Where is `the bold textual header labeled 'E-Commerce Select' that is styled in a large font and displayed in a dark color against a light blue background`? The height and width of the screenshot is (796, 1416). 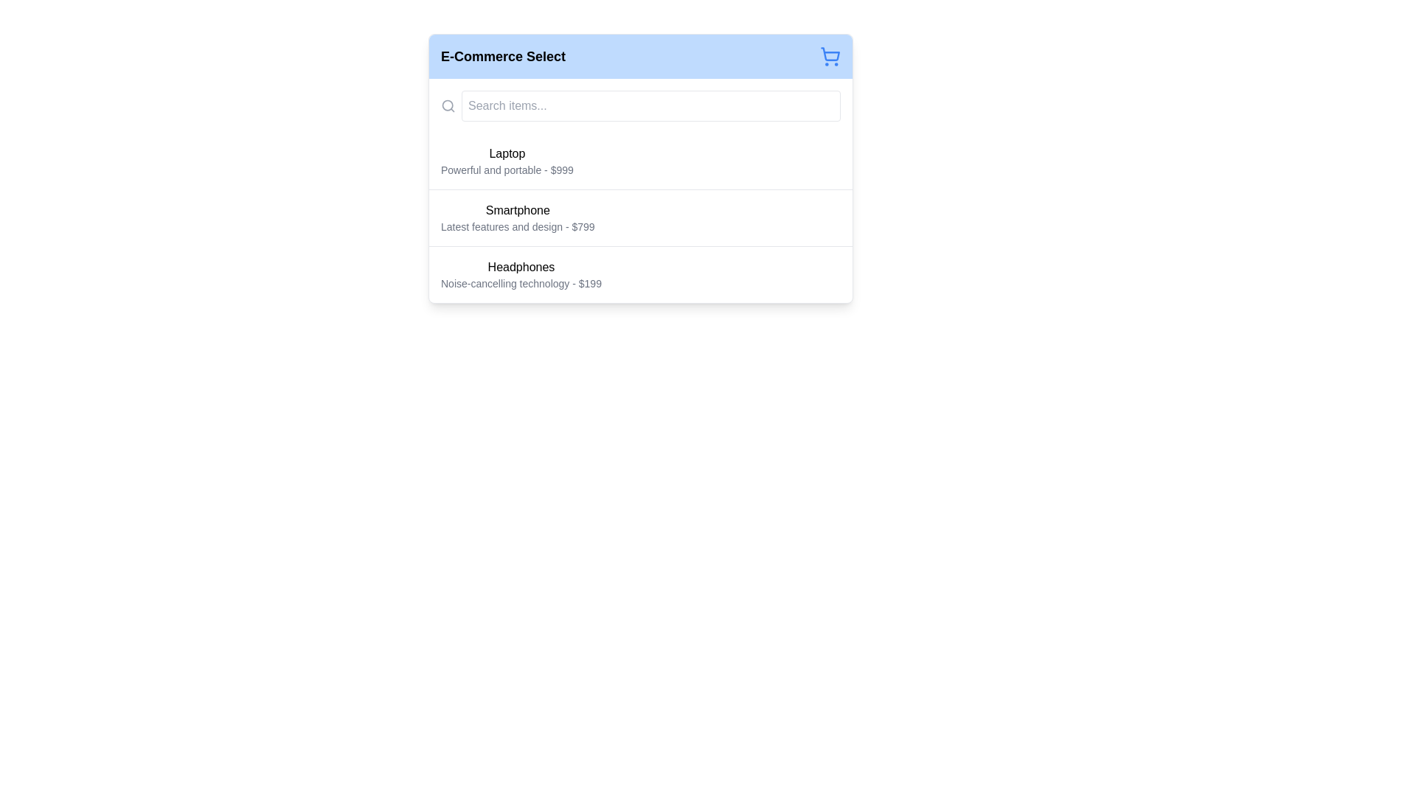
the bold textual header labeled 'E-Commerce Select' that is styled in a large font and displayed in a dark color against a light blue background is located at coordinates (503, 56).